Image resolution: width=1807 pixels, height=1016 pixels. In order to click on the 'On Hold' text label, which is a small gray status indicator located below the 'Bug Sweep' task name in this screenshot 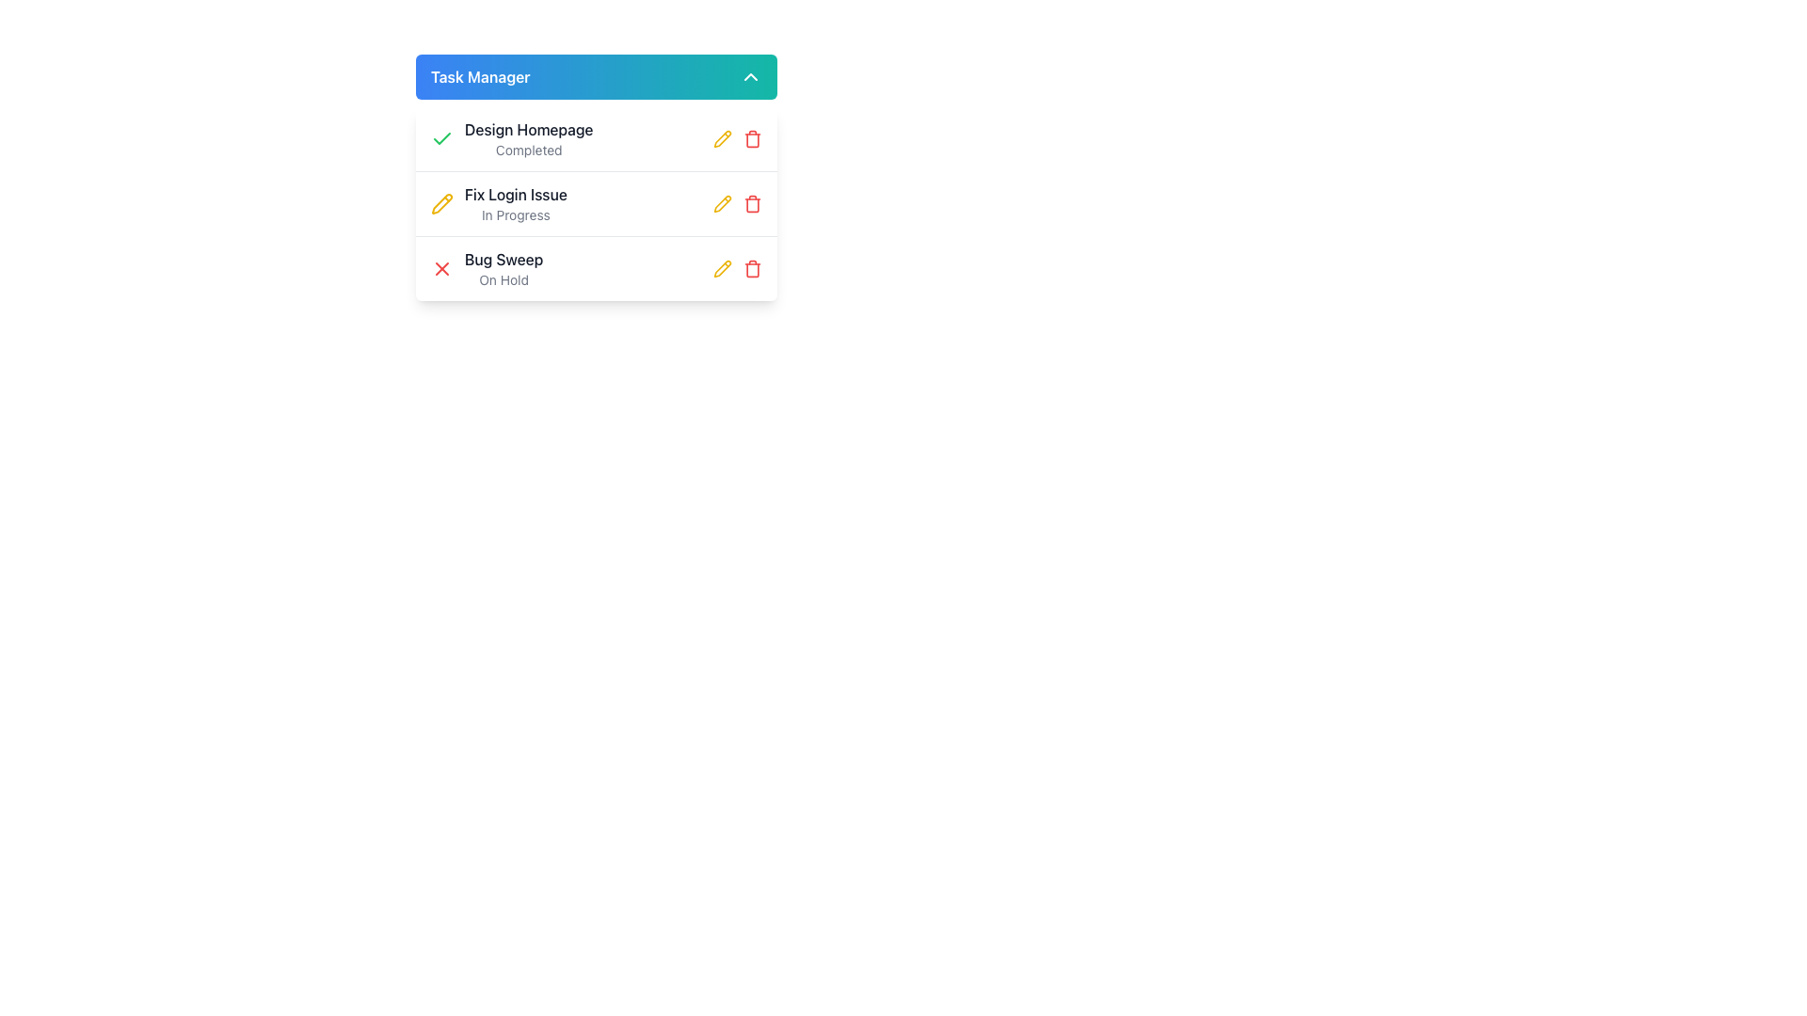, I will do `click(504, 279)`.